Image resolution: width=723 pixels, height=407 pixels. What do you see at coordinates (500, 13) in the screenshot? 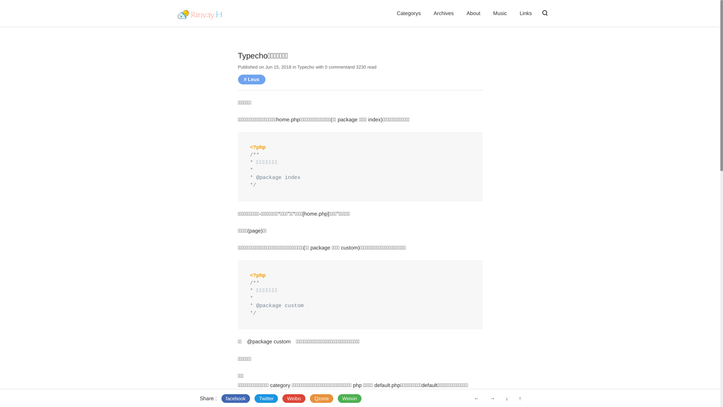
I see `'Music'` at bounding box center [500, 13].